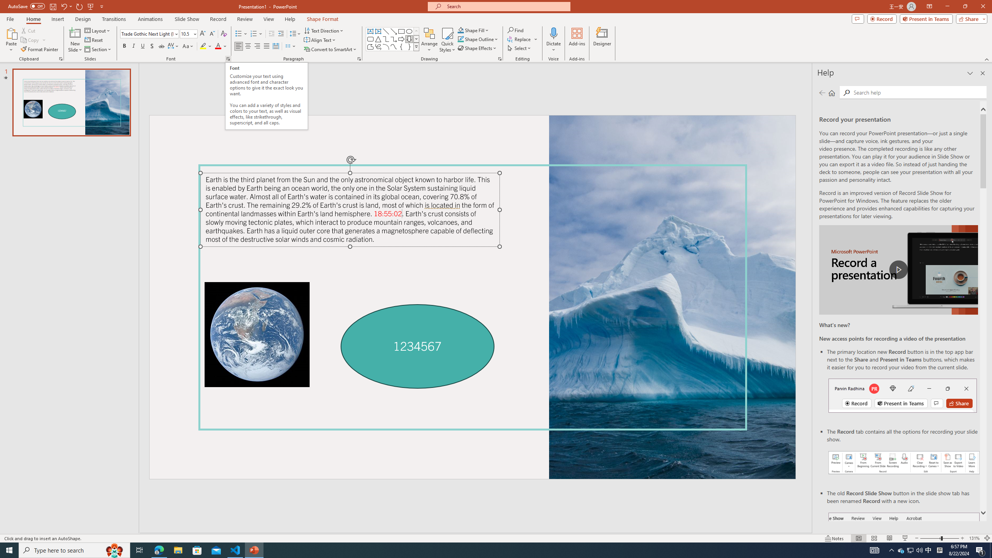 The width and height of the screenshot is (992, 558). What do you see at coordinates (30, 40) in the screenshot?
I see `'Copy'` at bounding box center [30, 40].